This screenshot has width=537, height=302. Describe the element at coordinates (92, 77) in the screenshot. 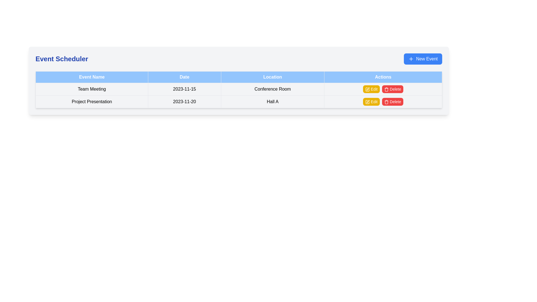

I see `the first column header cell of the table, which indicates the event names and is positioned to the left of the 'Date' column header` at that location.